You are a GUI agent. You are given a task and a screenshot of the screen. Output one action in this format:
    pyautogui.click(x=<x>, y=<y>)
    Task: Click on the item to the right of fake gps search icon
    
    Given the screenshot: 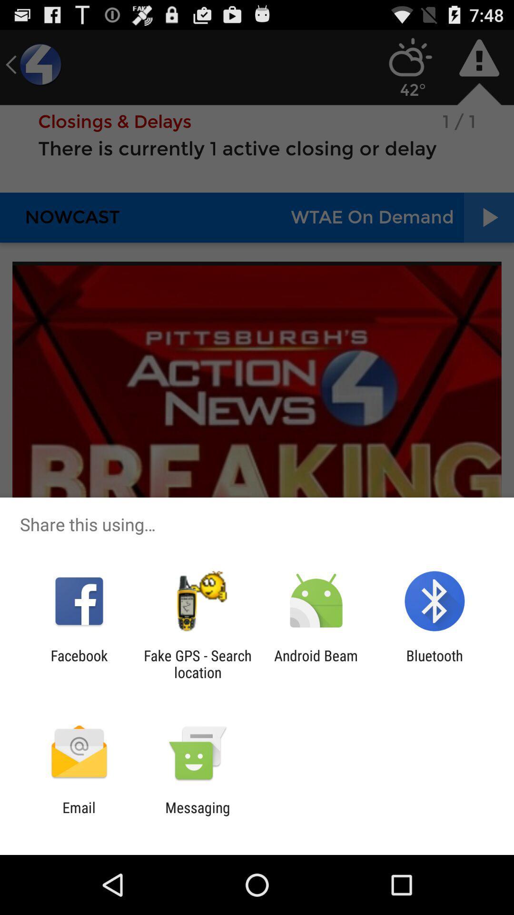 What is the action you would take?
    pyautogui.click(x=316, y=663)
    